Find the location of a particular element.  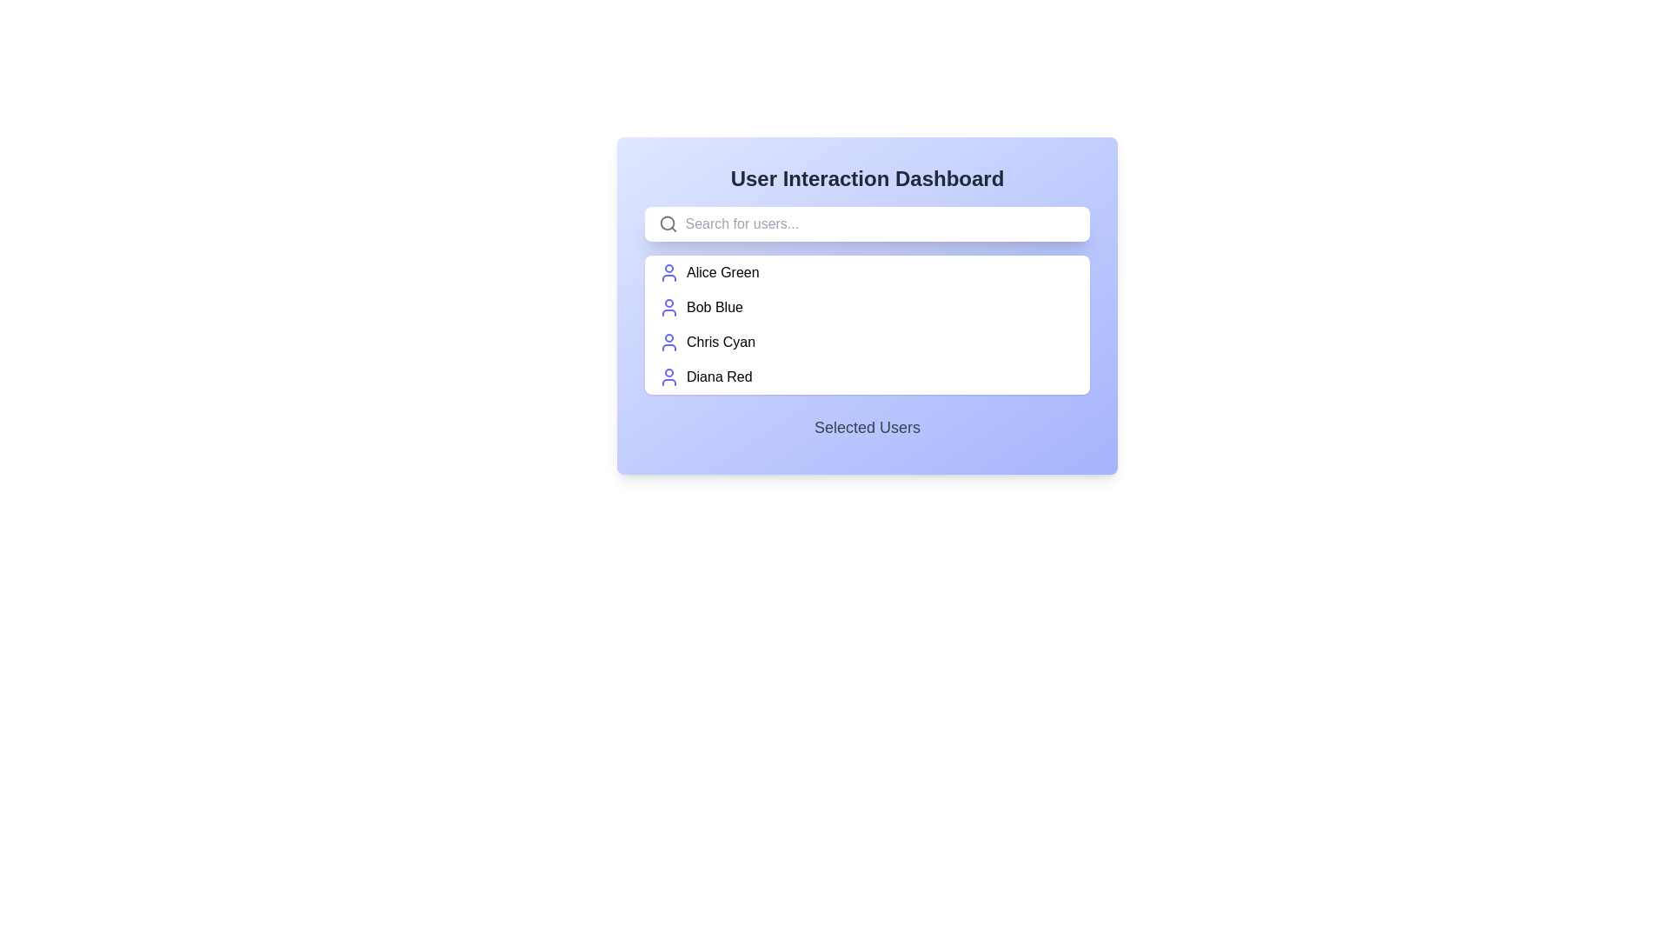

the list item labeled 'Diana Red', which is the fourth item in a vertical list of user entries is located at coordinates (868, 376).